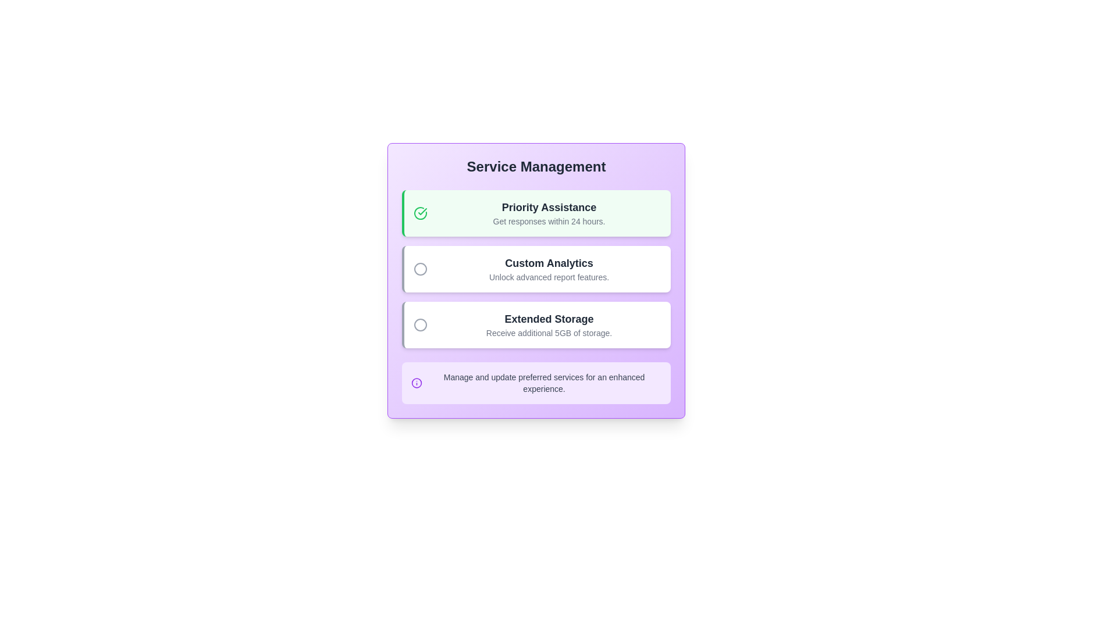 The width and height of the screenshot is (1117, 628). What do you see at coordinates (549, 319) in the screenshot?
I see `the Text label indicating the 'Extended Storage' option, which is located in the middle of the interface within the third option of a vertical list under the 'Service Management' section` at bounding box center [549, 319].